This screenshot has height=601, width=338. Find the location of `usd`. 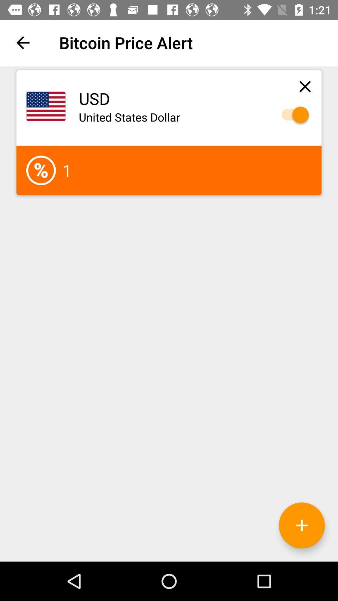

usd is located at coordinates (292, 115).